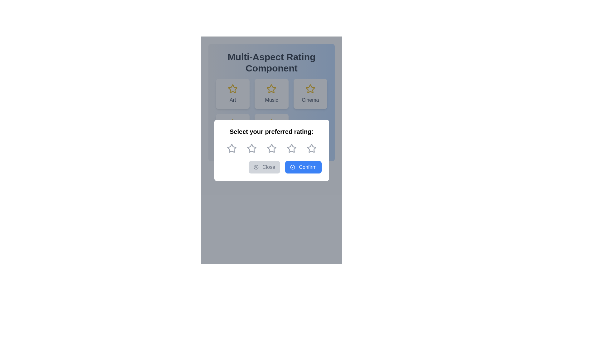 Image resolution: width=599 pixels, height=337 pixels. I want to click on the first star in the star-based rating system, so click(251, 148).